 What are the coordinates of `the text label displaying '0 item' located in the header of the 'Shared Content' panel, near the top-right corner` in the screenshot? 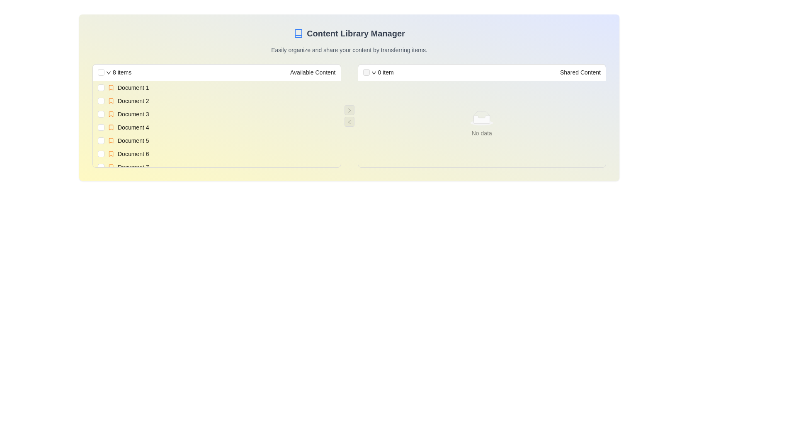 It's located at (385, 72).